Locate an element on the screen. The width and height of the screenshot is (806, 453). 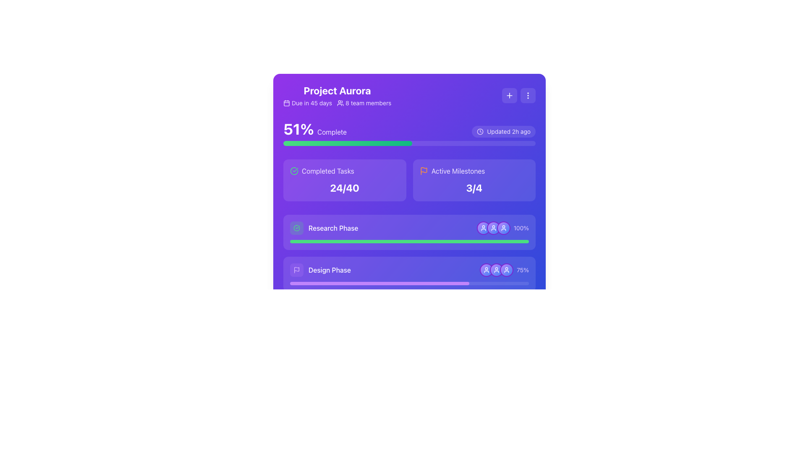
the 'Due in 45 days' label, which includes a small calendar icon, located just below the 'Project Aurora' header and to the left of the '8 team members' text is located at coordinates (307, 103).